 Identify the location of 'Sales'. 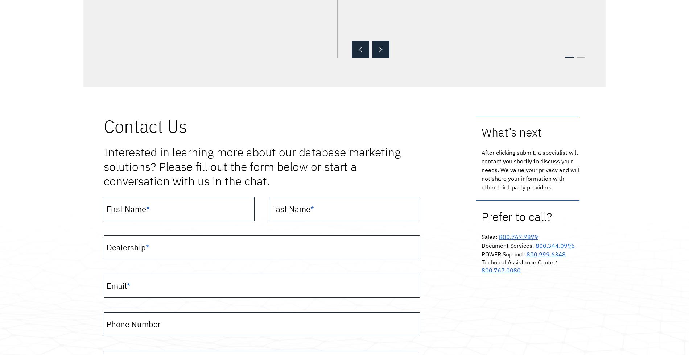
(488, 237).